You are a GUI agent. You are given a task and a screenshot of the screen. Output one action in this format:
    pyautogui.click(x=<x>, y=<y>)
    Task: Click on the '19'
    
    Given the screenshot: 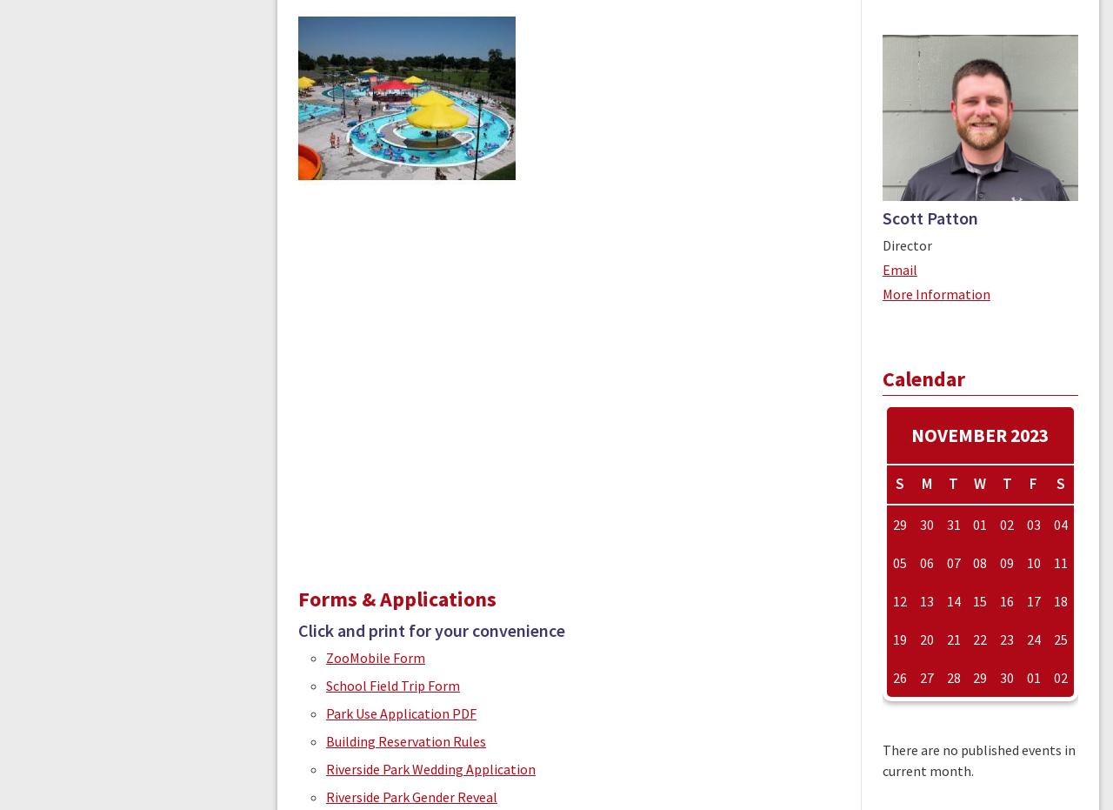 What is the action you would take?
    pyautogui.click(x=900, y=639)
    